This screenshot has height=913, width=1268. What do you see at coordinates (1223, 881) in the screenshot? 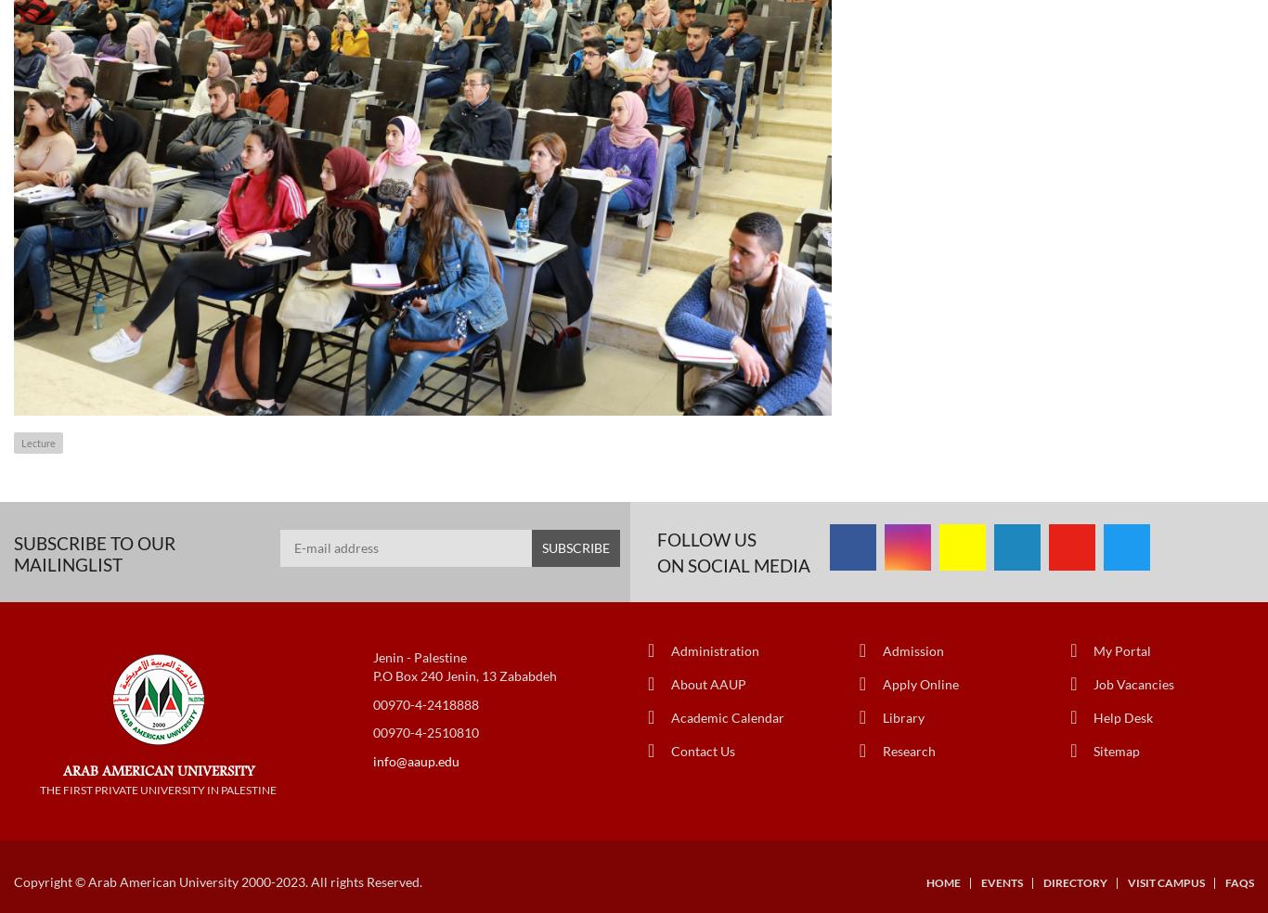
I see `'FAQs'` at bounding box center [1223, 881].